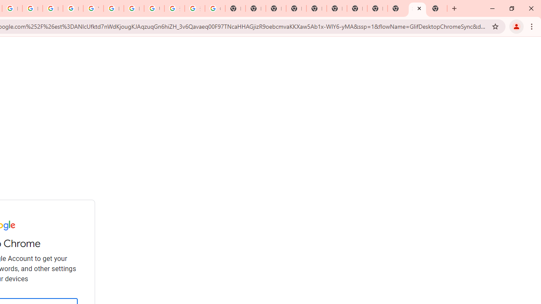  What do you see at coordinates (437, 8) in the screenshot?
I see `'New Tab'` at bounding box center [437, 8].